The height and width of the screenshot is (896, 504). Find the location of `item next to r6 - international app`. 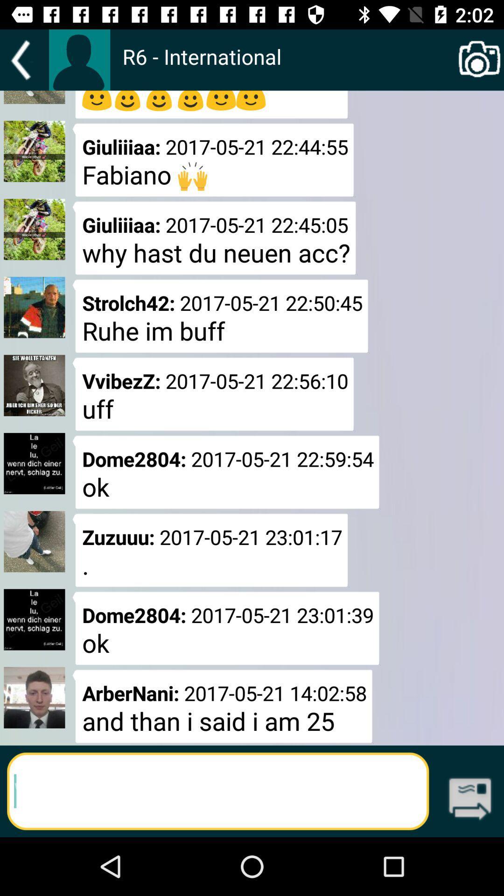

item next to r6 - international app is located at coordinates (479, 60).